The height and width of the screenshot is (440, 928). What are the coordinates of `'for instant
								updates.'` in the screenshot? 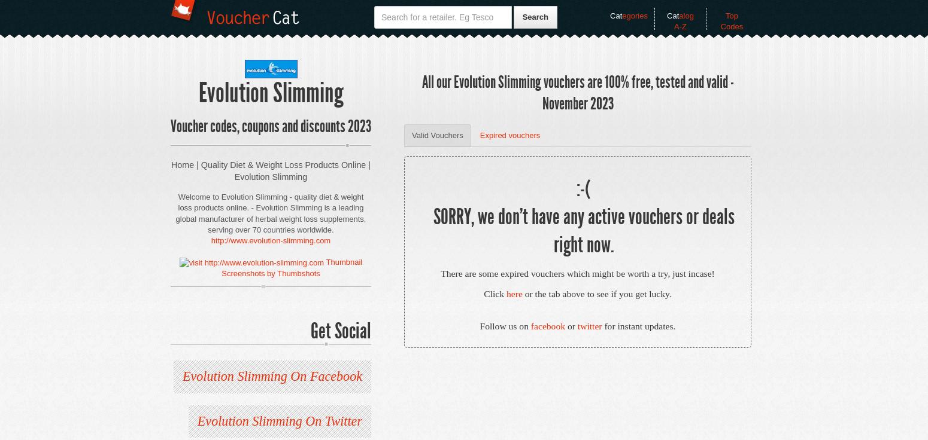 It's located at (638, 325).